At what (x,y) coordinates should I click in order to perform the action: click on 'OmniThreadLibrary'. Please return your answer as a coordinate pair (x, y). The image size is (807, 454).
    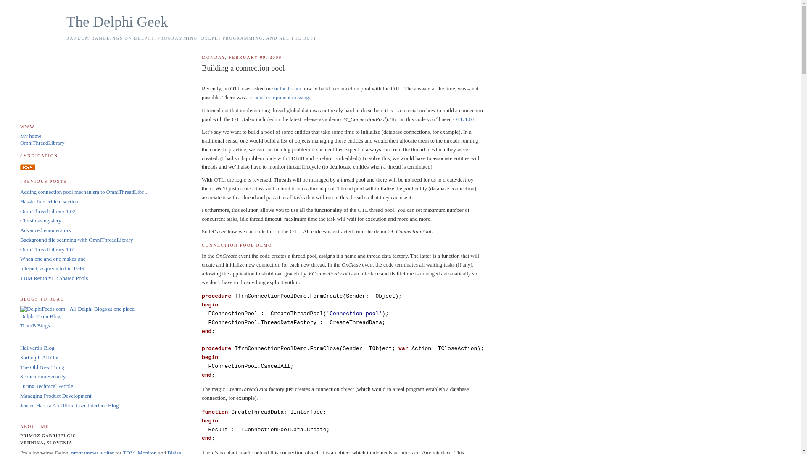
    Looking at the image, I should click on (42, 142).